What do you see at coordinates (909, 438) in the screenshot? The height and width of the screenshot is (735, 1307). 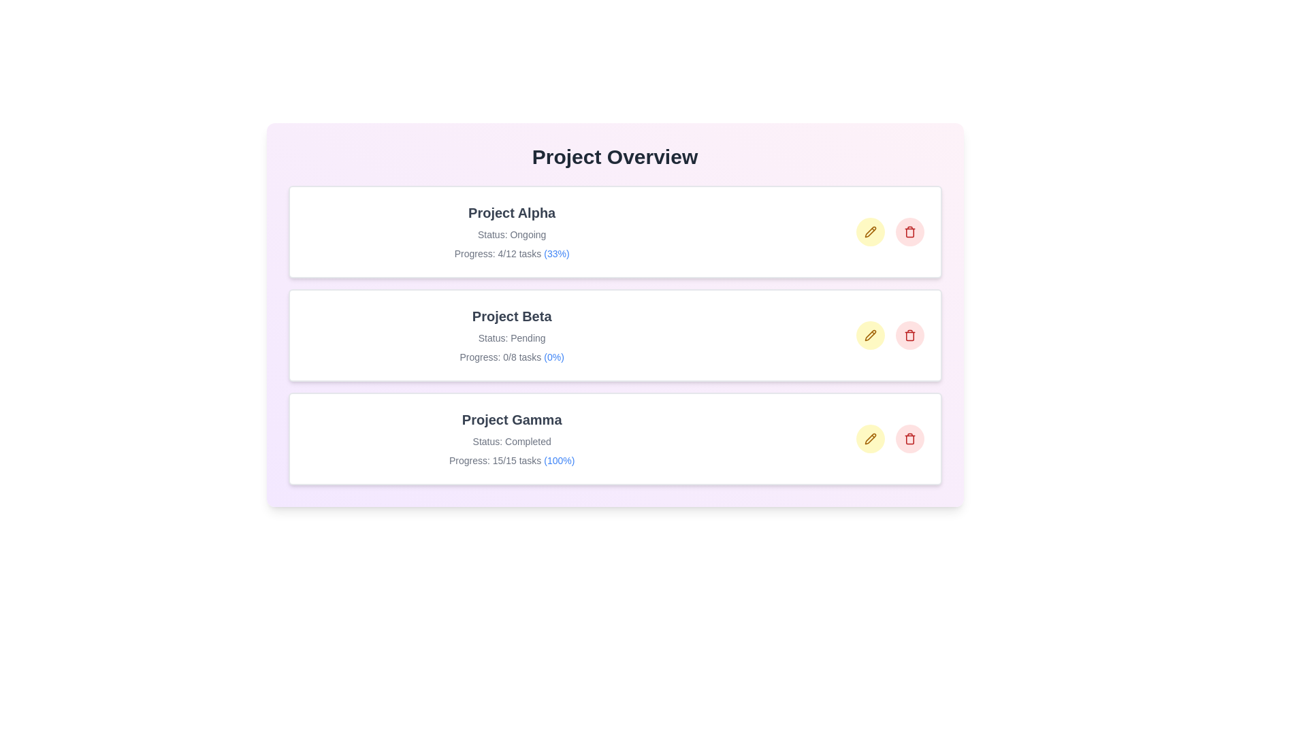 I see `trash icon to delete the project Project Gamma` at bounding box center [909, 438].